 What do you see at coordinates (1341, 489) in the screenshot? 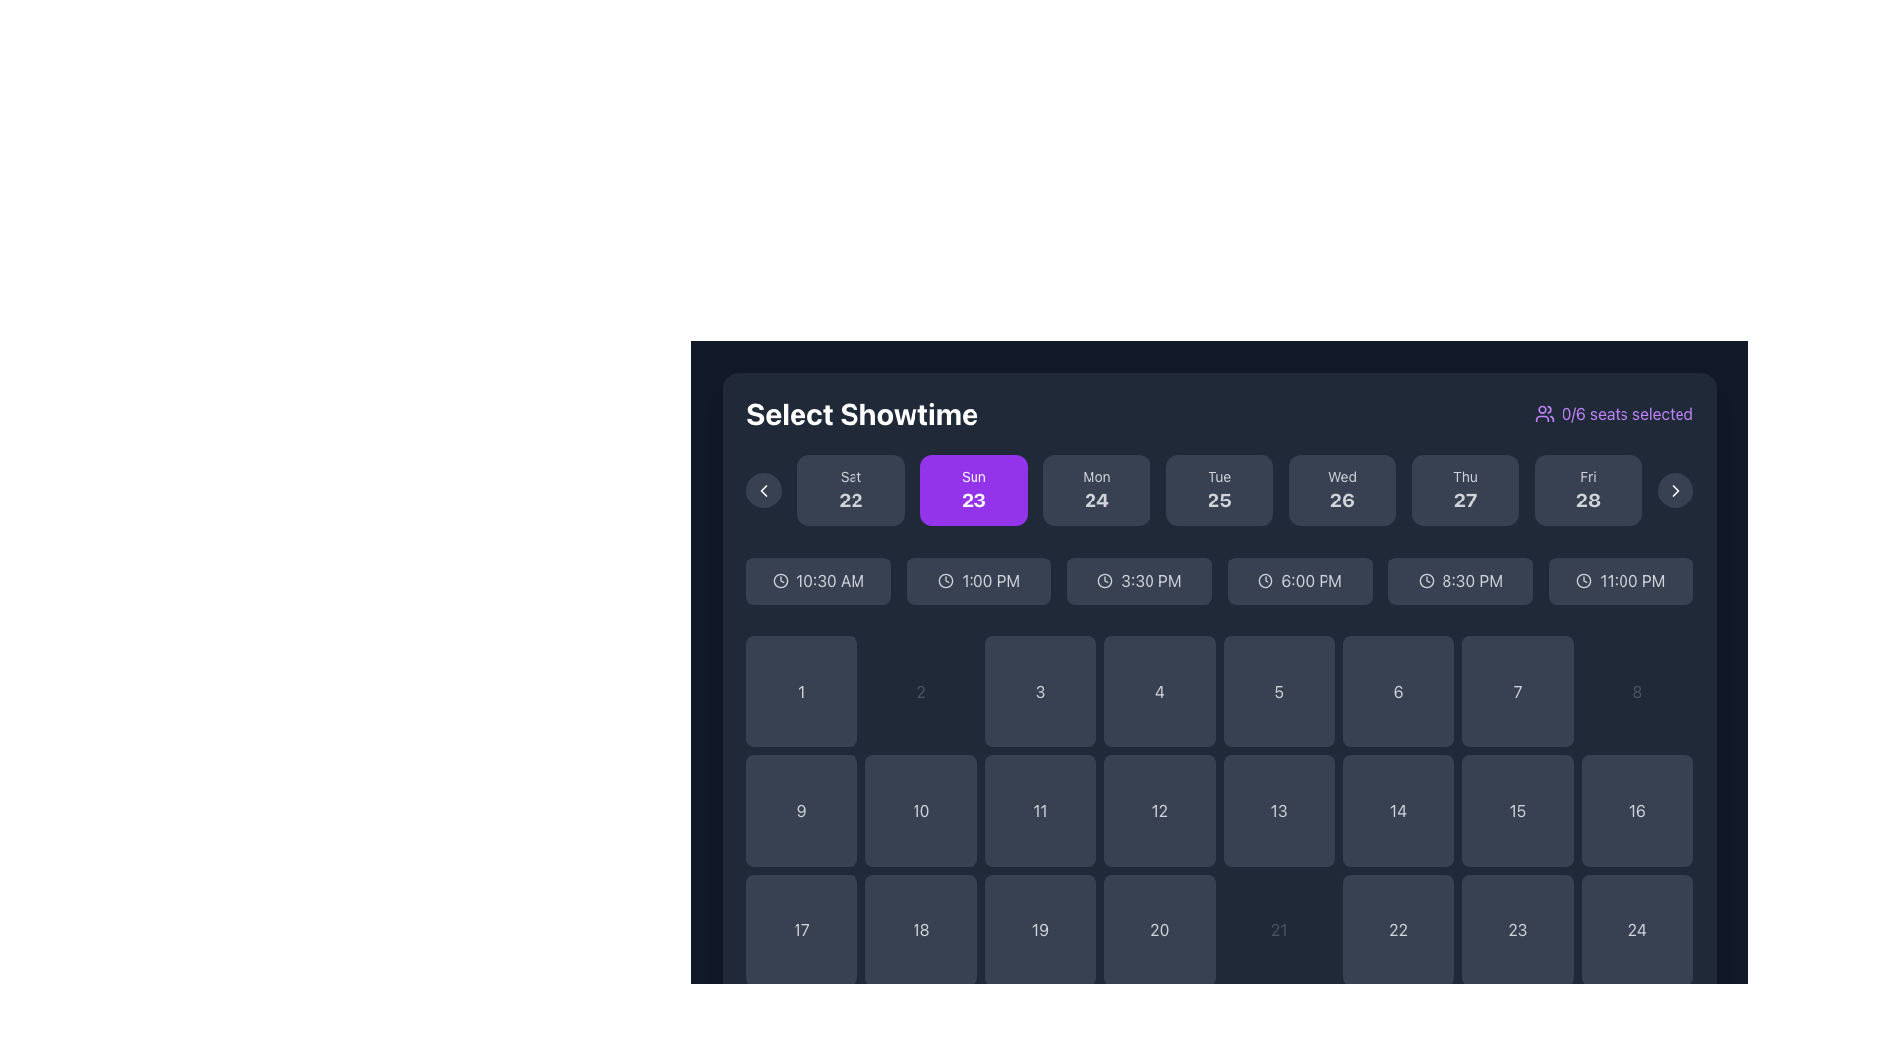
I see `the rectangular button labeled 'Wed 26'` at bounding box center [1341, 489].